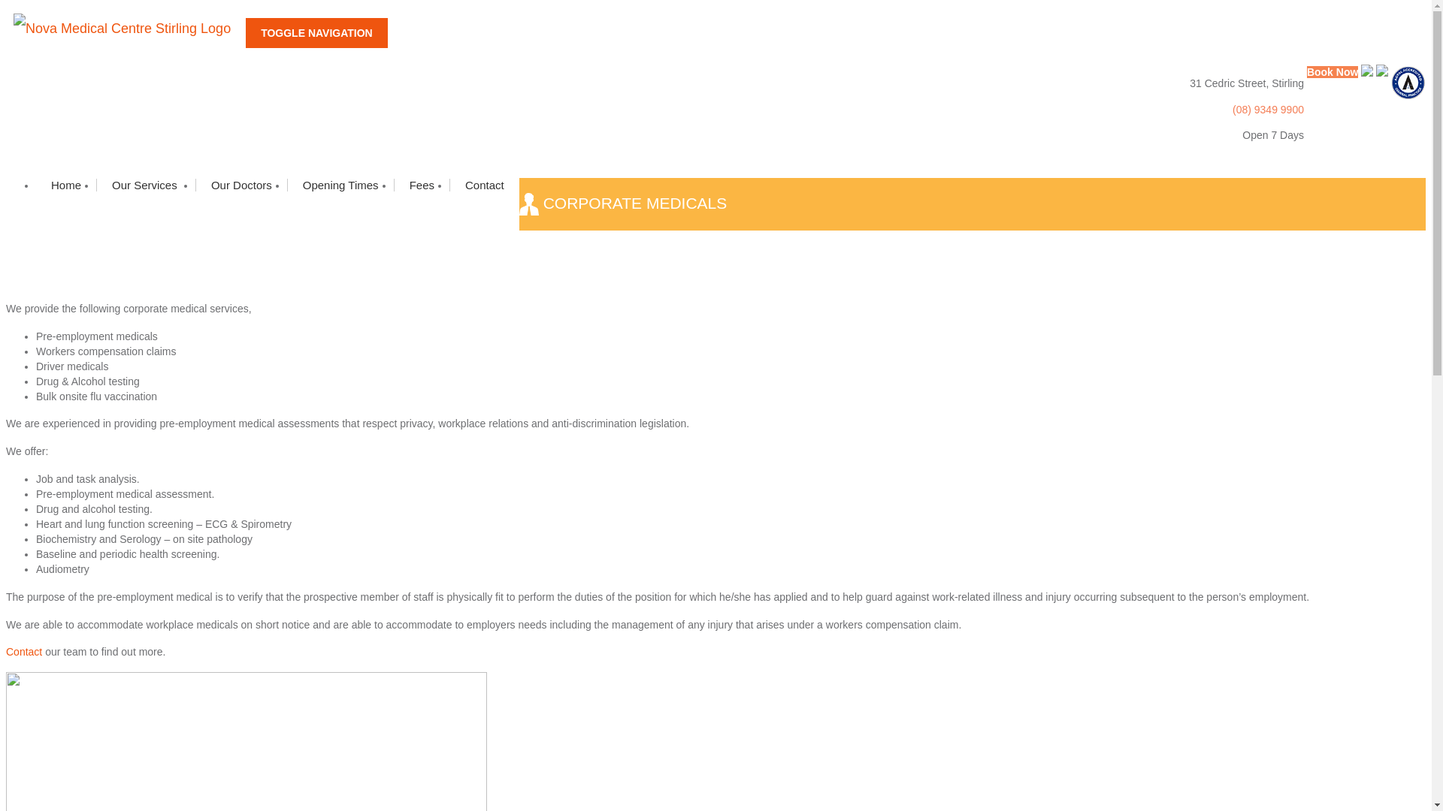 The height and width of the screenshot is (811, 1443). I want to click on 'TOGGLE NAVIGATION', so click(245, 32).